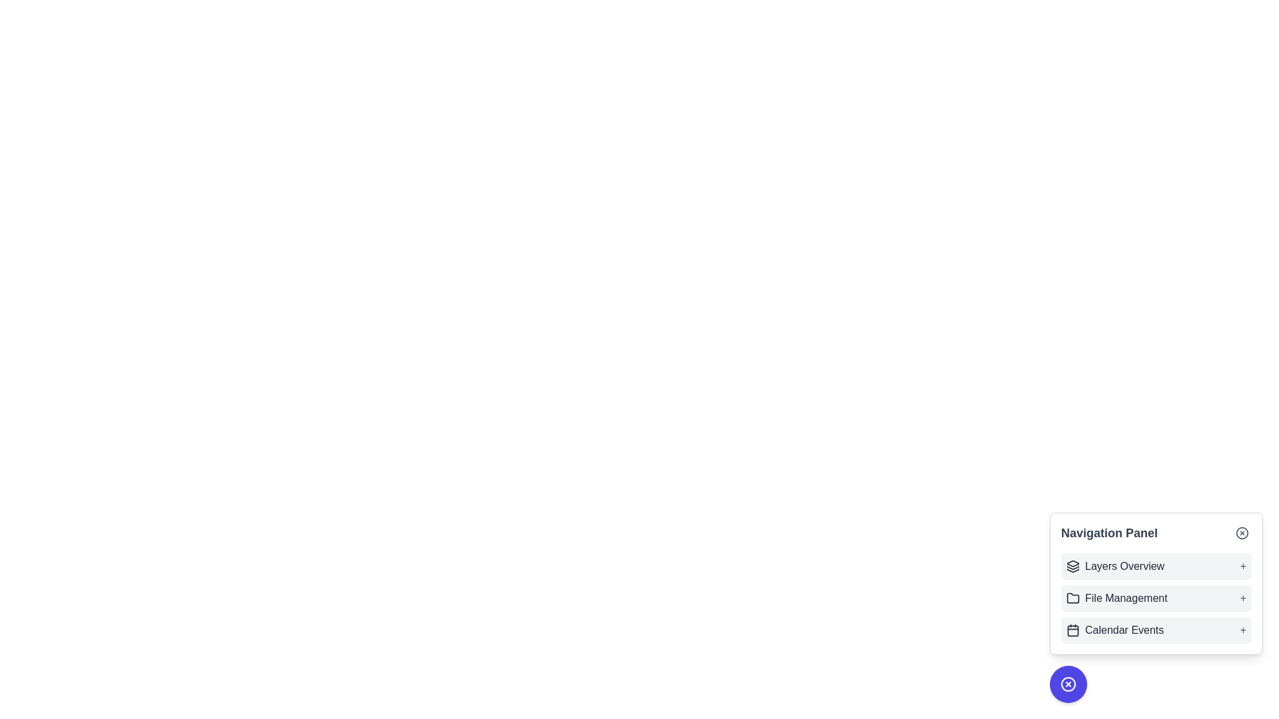  Describe the element at coordinates (1124, 567) in the screenshot. I see `the first text label` at that location.